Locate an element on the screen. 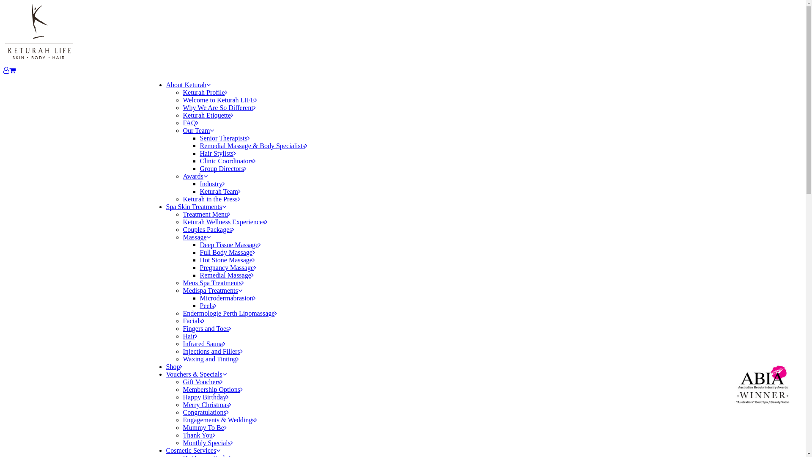  'Infrared Sauna' is located at coordinates (204, 344).